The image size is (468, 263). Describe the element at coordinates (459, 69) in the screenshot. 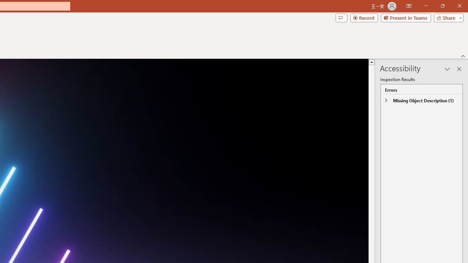

I see `'Close pane'` at that location.